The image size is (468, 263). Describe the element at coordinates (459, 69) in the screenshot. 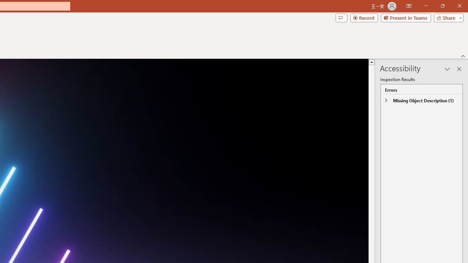

I see `'Close pane'` at that location.